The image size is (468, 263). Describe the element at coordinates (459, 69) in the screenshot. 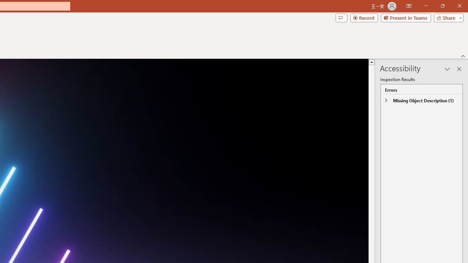

I see `'Close pane'` at that location.